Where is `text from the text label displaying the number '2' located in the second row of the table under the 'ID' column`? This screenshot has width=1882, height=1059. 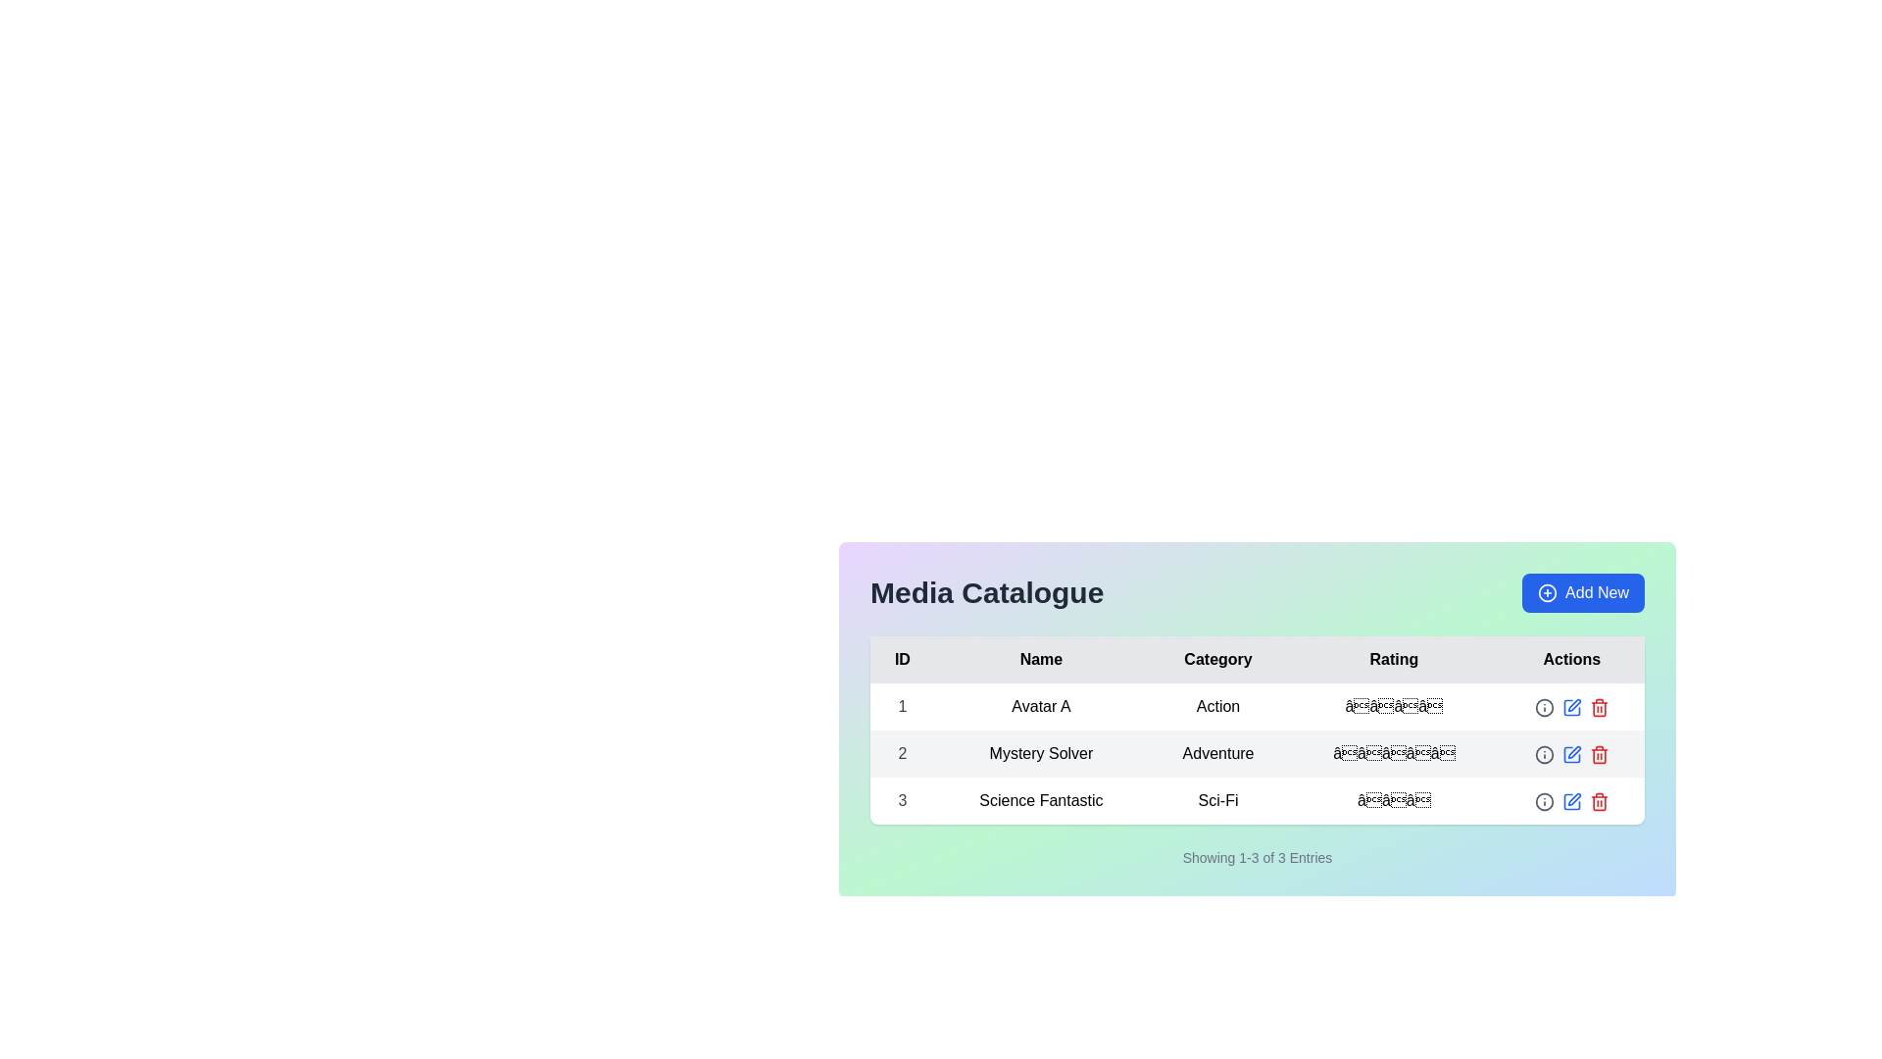
text from the text label displaying the number '2' located in the second row of the table under the 'ID' column is located at coordinates (902, 752).